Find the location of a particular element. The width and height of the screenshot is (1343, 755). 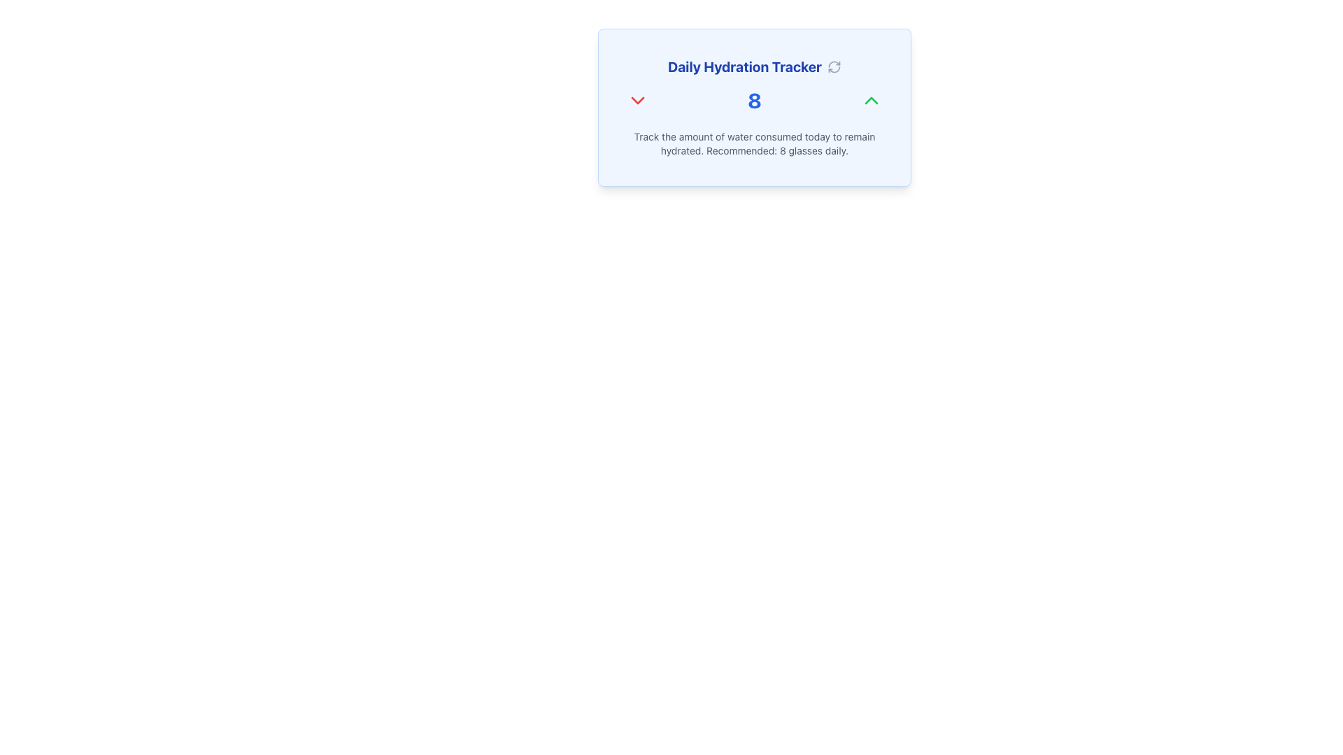

the refresh icon, which is a circular arrow shape located near the header text 'Daily Hydration Tracker', to refresh or reload content is located at coordinates (834, 67).